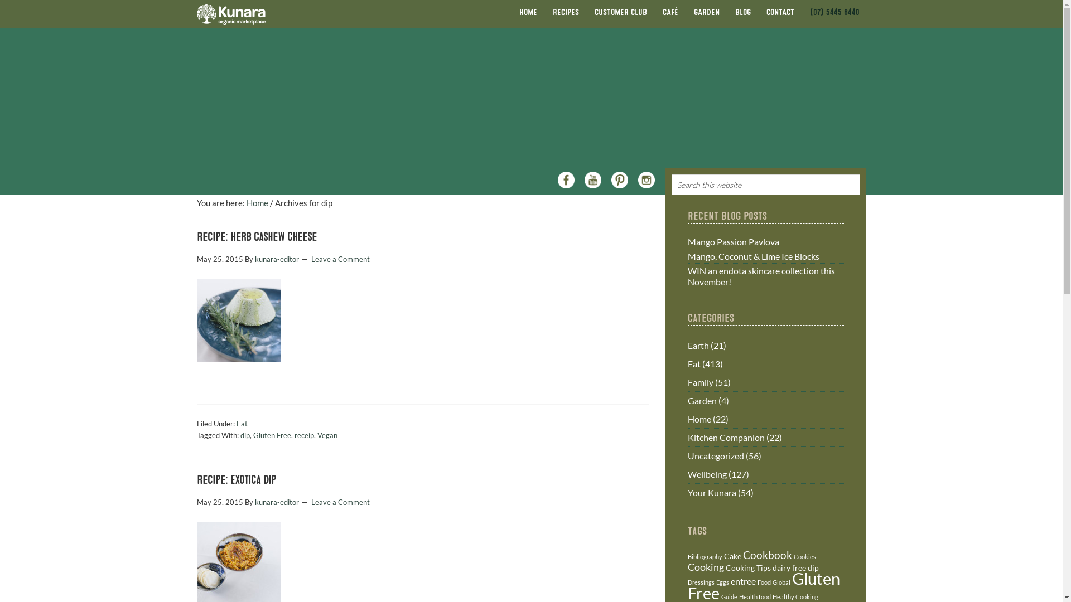  What do you see at coordinates (863, 178) in the screenshot?
I see `'Search'` at bounding box center [863, 178].